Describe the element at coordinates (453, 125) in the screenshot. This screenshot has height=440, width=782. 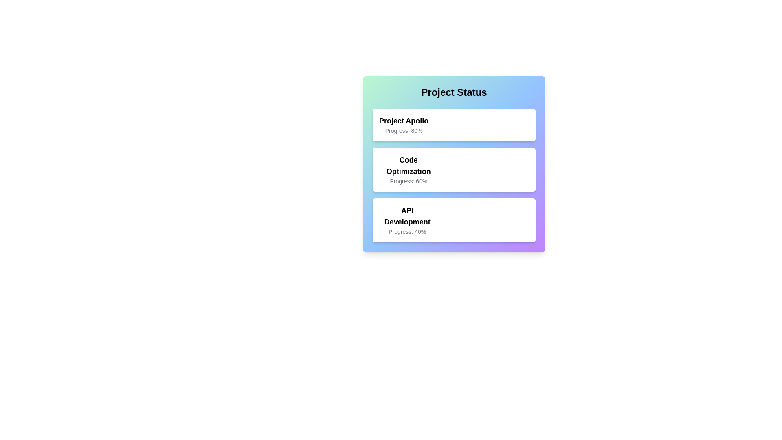
I see `the project card corresponding to Project Apollo` at that location.